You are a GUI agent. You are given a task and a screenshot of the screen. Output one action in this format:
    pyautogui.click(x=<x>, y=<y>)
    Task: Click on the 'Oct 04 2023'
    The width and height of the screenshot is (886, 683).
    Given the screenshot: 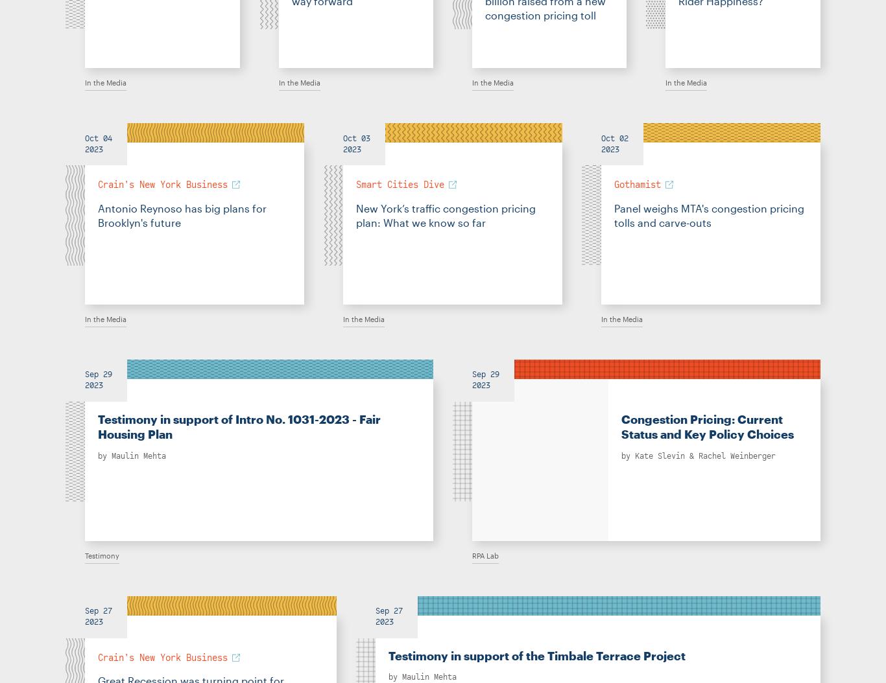 What is the action you would take?
    pyautogui.click(x=98, y=143)
    